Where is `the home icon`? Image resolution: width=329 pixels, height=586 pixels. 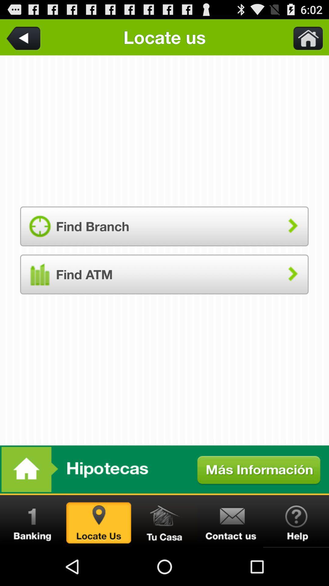 the home icon is located at coordinates (304, 39).